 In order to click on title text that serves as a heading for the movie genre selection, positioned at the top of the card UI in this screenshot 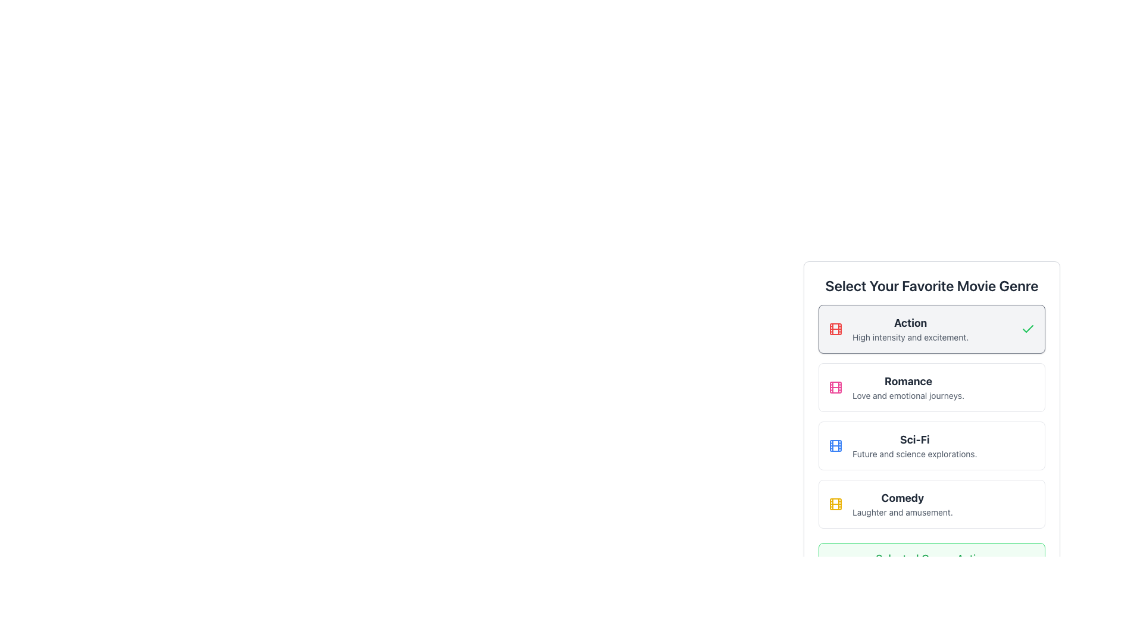, I will do `click(931, 285)`.